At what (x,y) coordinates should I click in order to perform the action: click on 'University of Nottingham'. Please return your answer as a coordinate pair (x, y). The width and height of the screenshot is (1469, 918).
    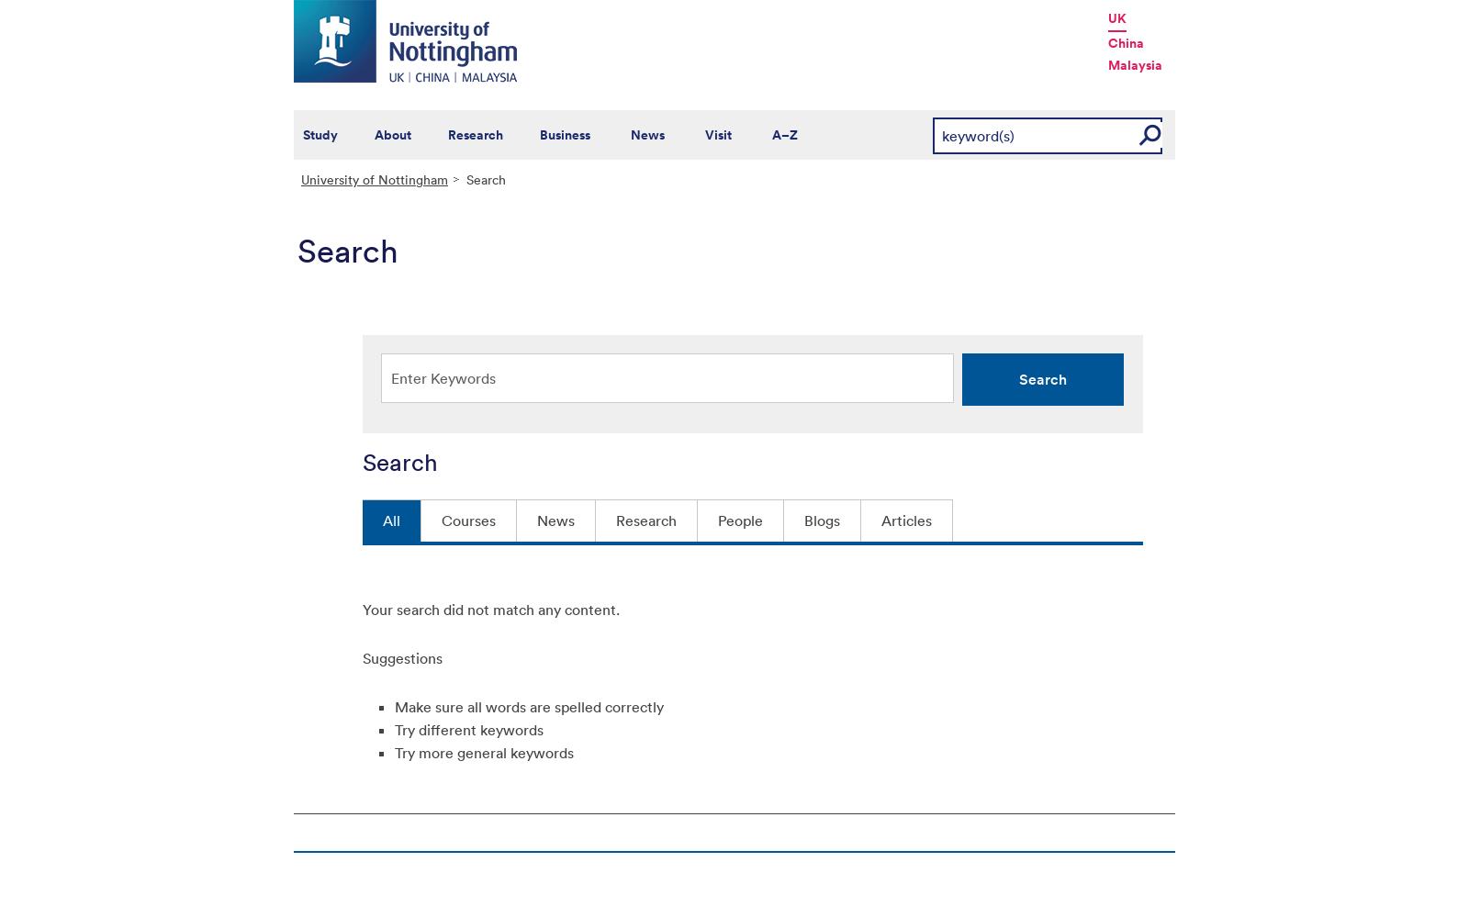
    Looking at the image, I should click on (374, 178).